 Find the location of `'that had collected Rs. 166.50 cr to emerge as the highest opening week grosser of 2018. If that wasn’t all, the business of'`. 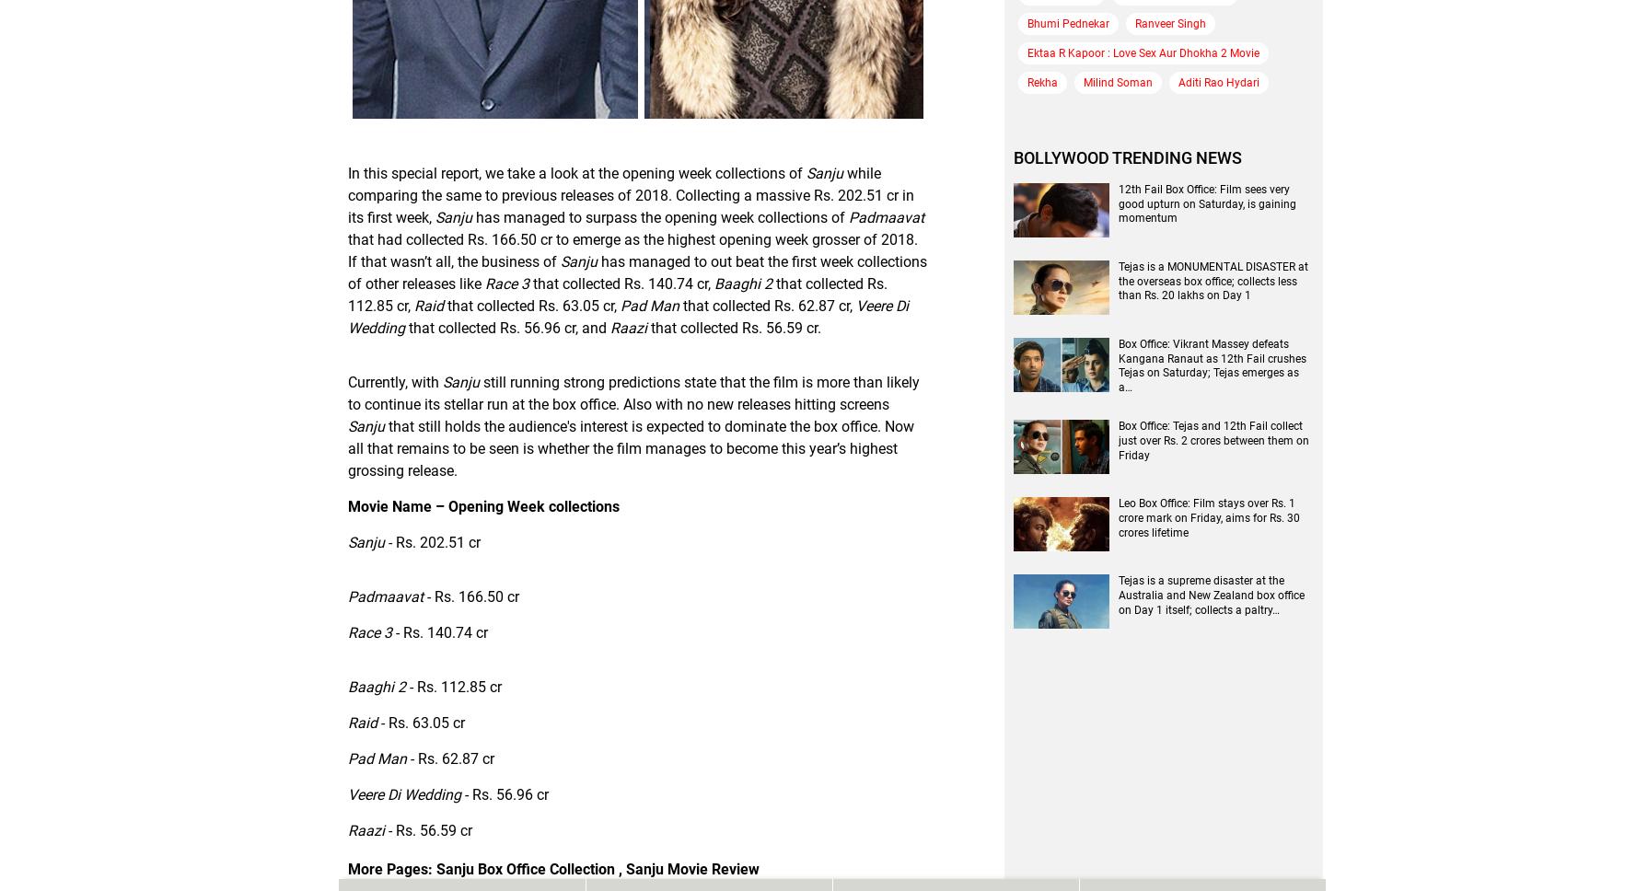

'that had collected Rs. 166.50 cr to emerge as the highest opening week grosser of 2018. If that wasn’t all, the business of' is located at coordinates (632, 250).